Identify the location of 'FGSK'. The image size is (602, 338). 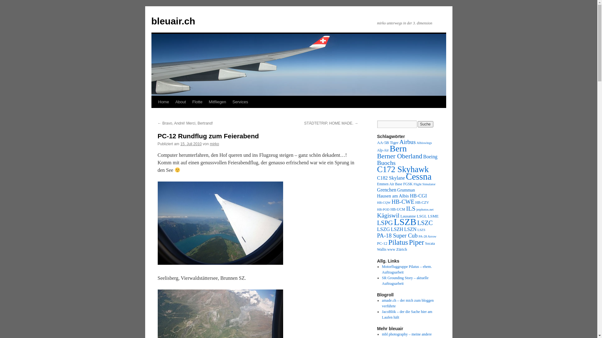
(408, 184).